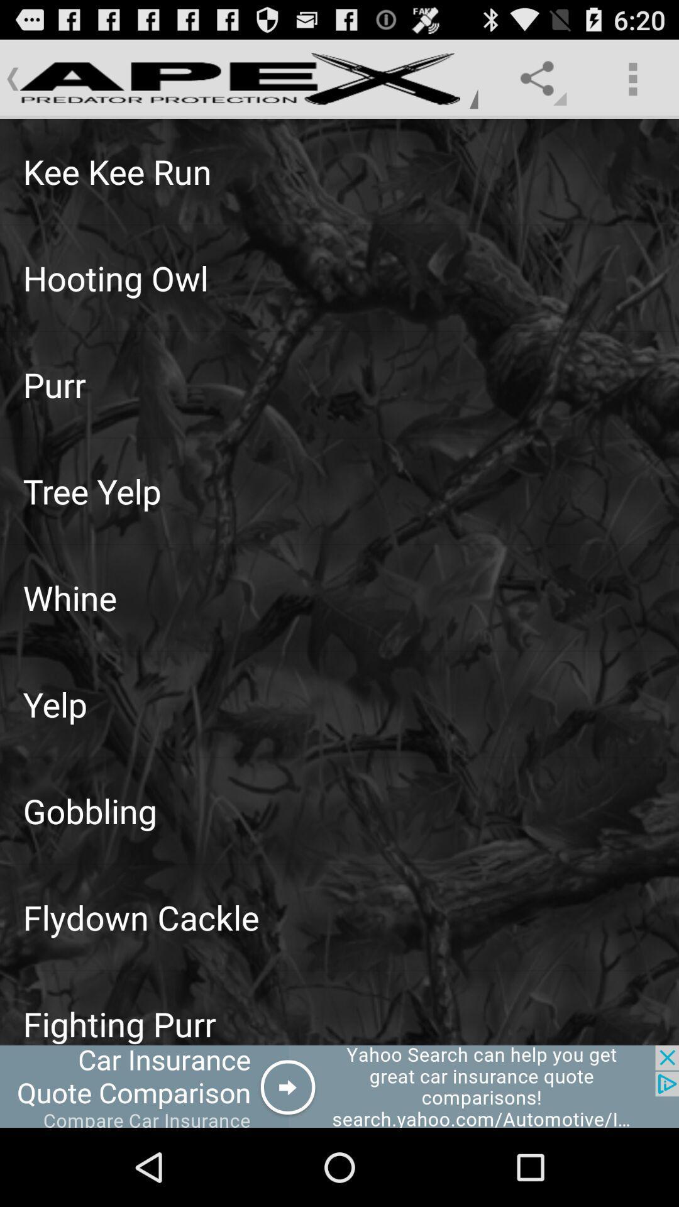 Image resolution: width=679 pixels, height=1207 pixels. Describe the element at coordinates (339, 1086) in the screenshot. I see `advertisement` at that location.